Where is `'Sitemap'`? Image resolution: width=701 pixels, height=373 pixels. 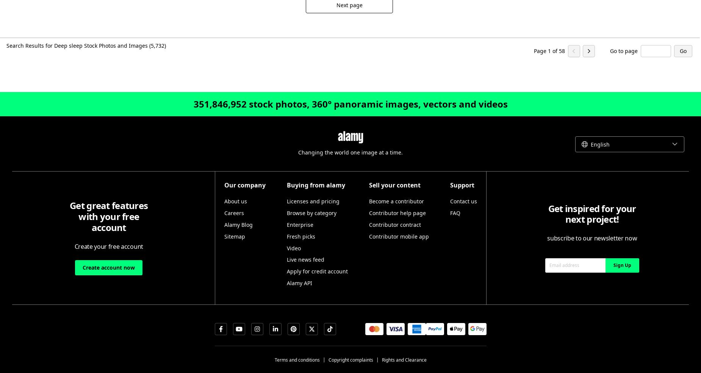
'Sitemap' is located at coordinates (234, 236).